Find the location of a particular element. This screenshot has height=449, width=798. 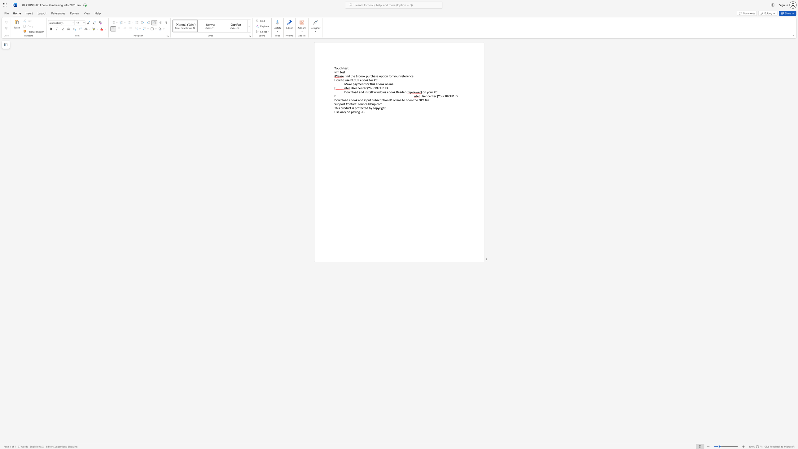

the 1th character "-" in the text is located at coordinates (358, 76).